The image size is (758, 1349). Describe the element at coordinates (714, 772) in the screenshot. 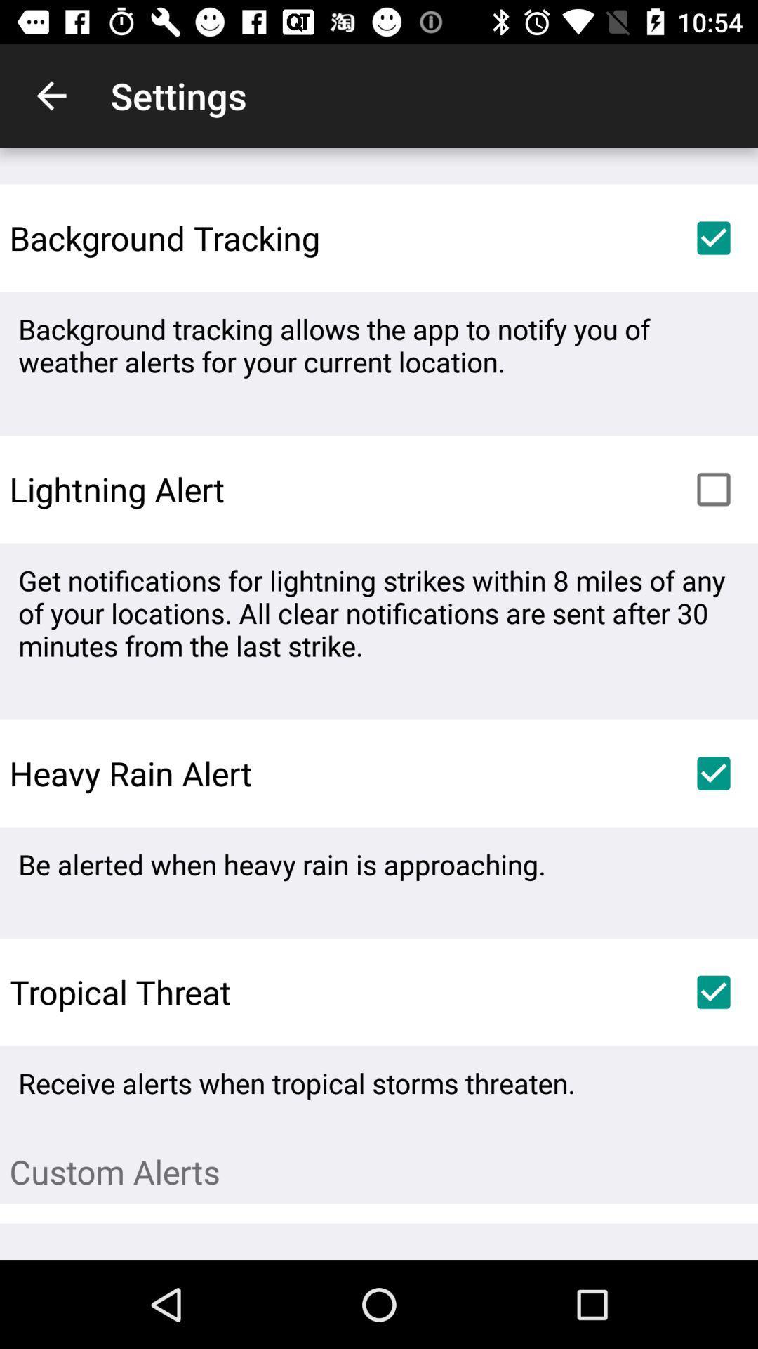

I see `heavy rain` at that location.